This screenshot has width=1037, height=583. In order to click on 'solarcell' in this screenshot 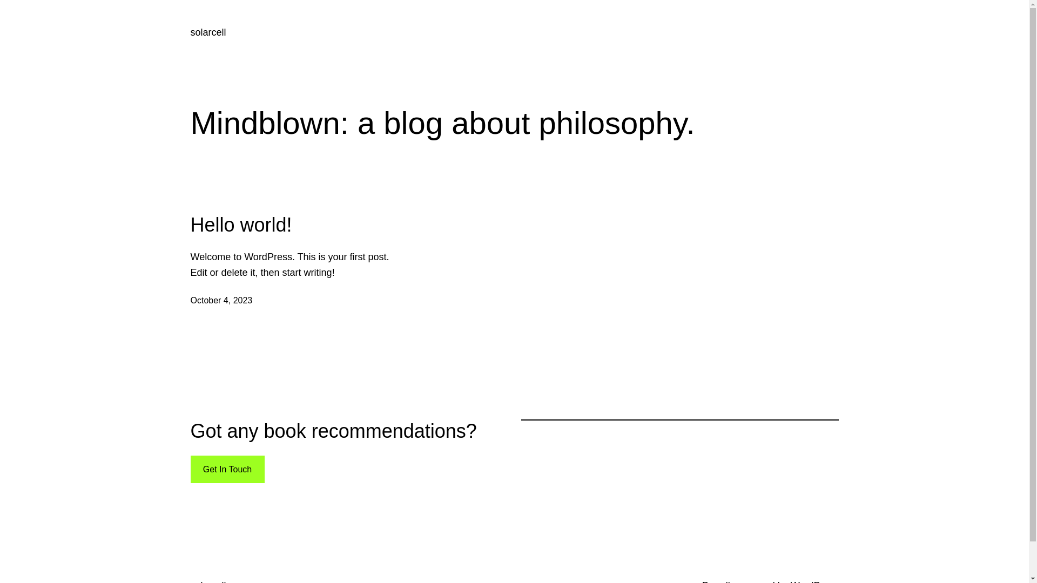, I will do `click(207, 32)`.